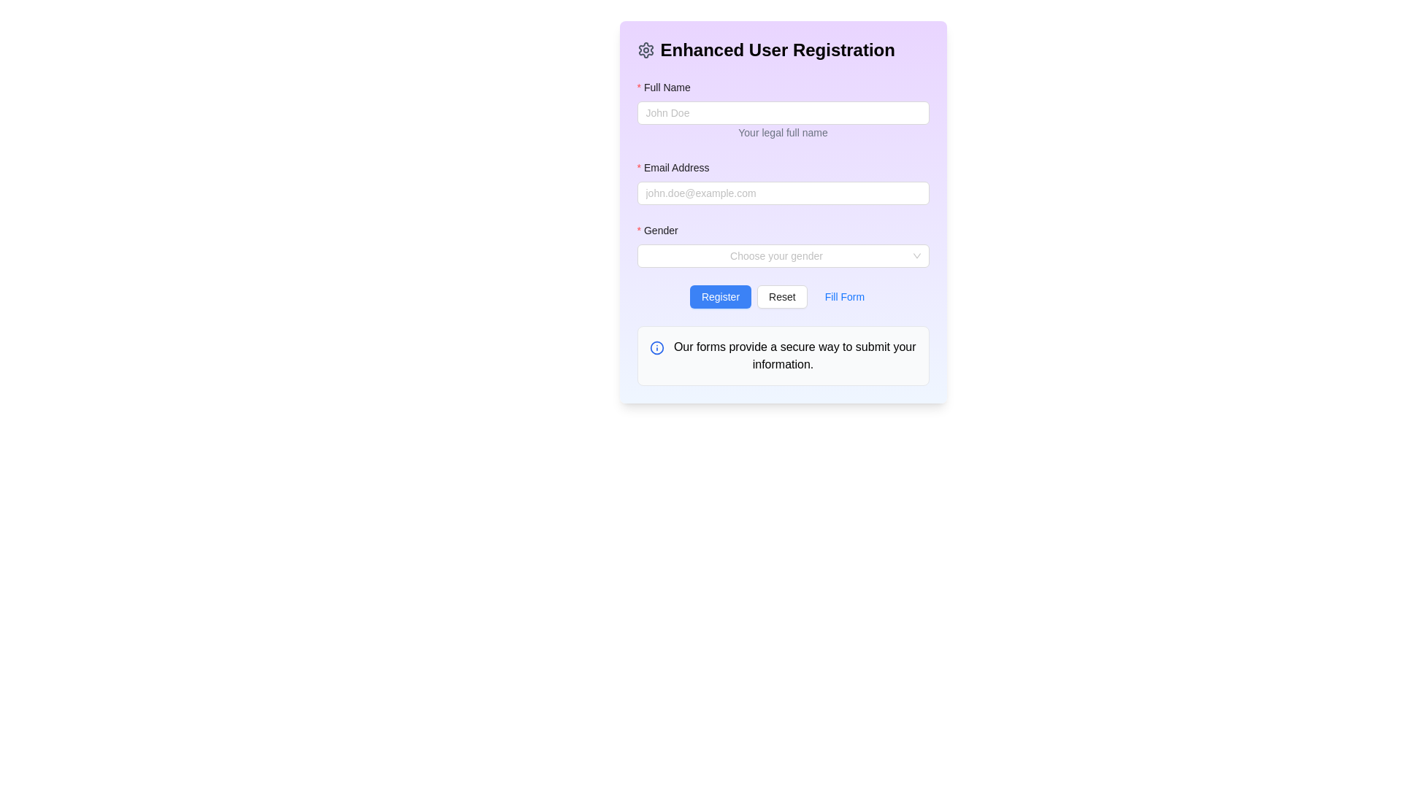  Describe the element at coordinates (781, 296) in the screenshot. I see `the 'Reset' button, which is the second button in a horizontal group of three buttons, located below a form` at that location.